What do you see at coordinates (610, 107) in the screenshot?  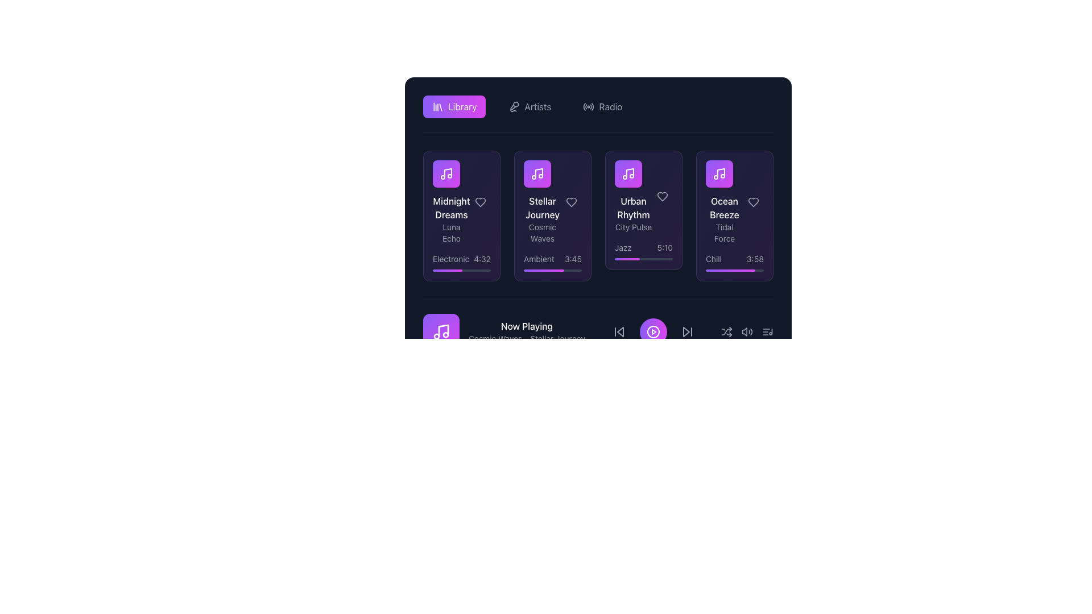 I see `the navigational text label 'Radio' in the top navigation bar, which serves as a button for accessing radio functionality` at bounding box center [610, 107].